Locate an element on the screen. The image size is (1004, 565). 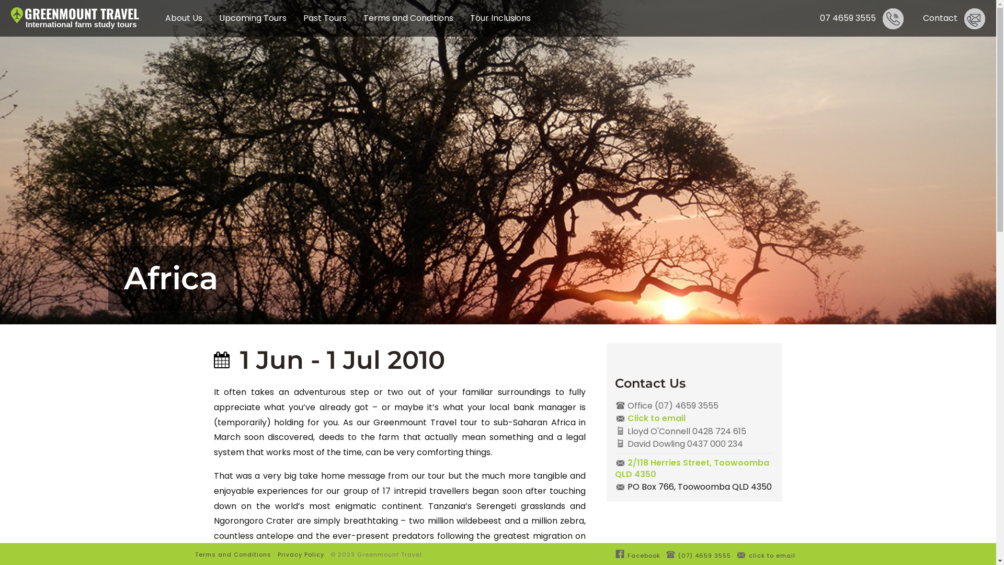
'2/118 Herries Street, Toowoomba QLD 4350' is located at coordinates (694, 468).